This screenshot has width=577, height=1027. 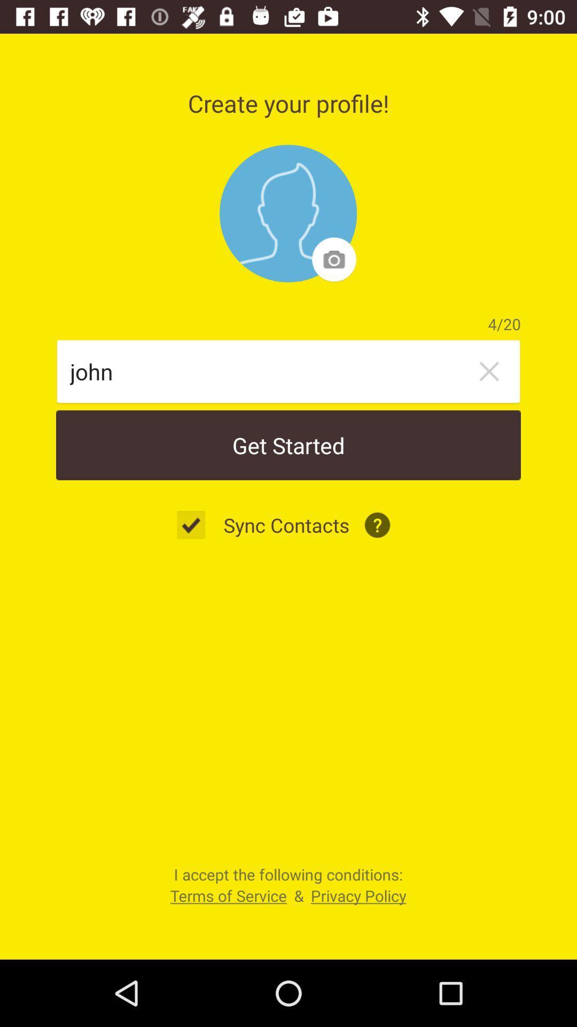 I want to click on item next to the sync contacts item, so click(x=197, y=525).